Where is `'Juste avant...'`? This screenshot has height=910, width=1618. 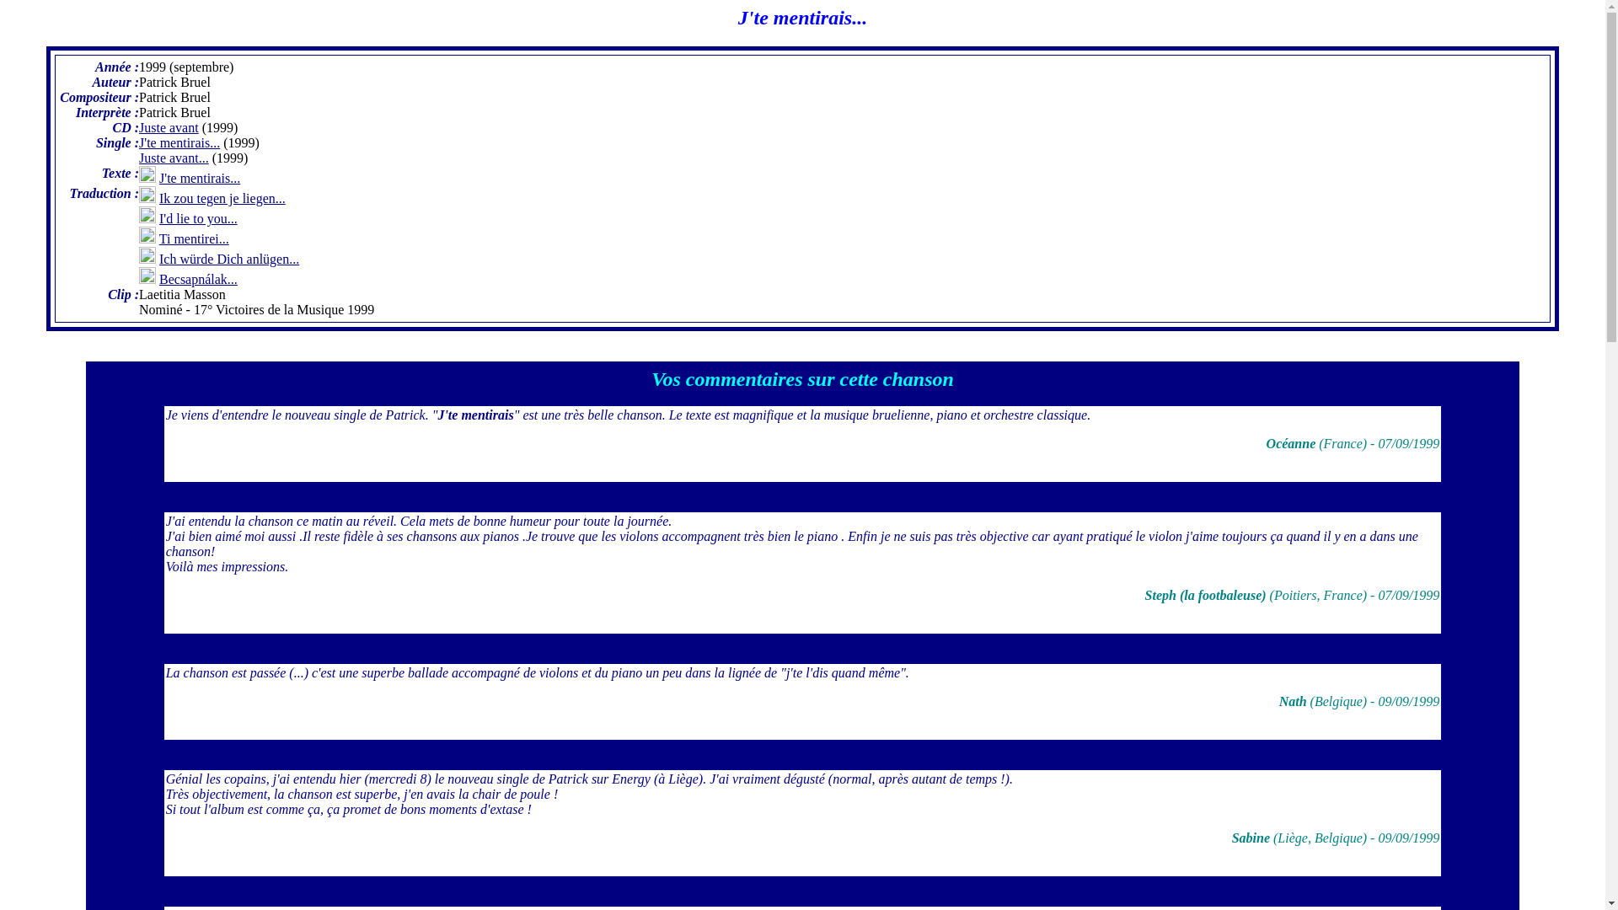 'Juste avant...' is located at coordinates (174, 158).